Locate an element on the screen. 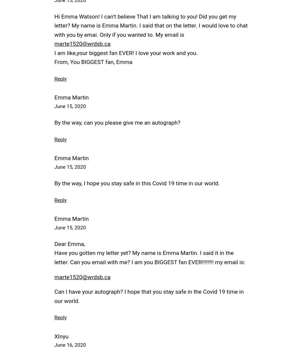 The height and width of the screenshot is (356, 282). 'Dear Emma,' is located at coordinates (69, 244).